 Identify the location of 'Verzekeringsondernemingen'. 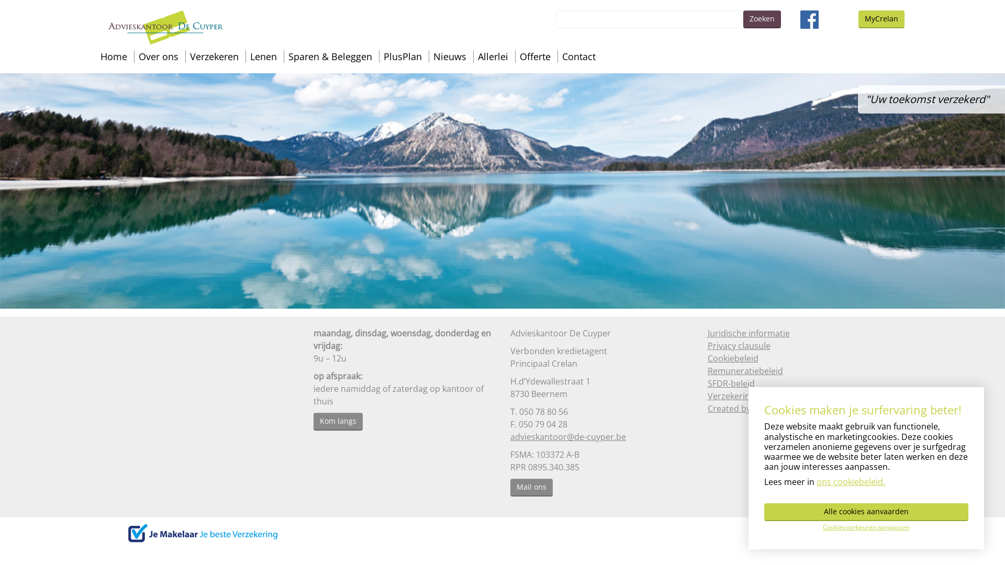
(765, 395).